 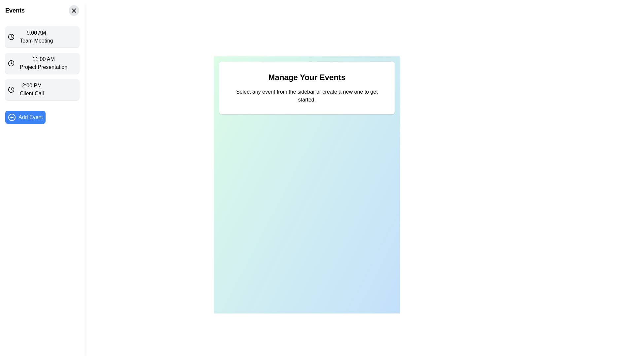 I want to click on the Circular SVG graphical element representing the clock outline in the event's icon located in the sidebar, so click(x=11, y=63).